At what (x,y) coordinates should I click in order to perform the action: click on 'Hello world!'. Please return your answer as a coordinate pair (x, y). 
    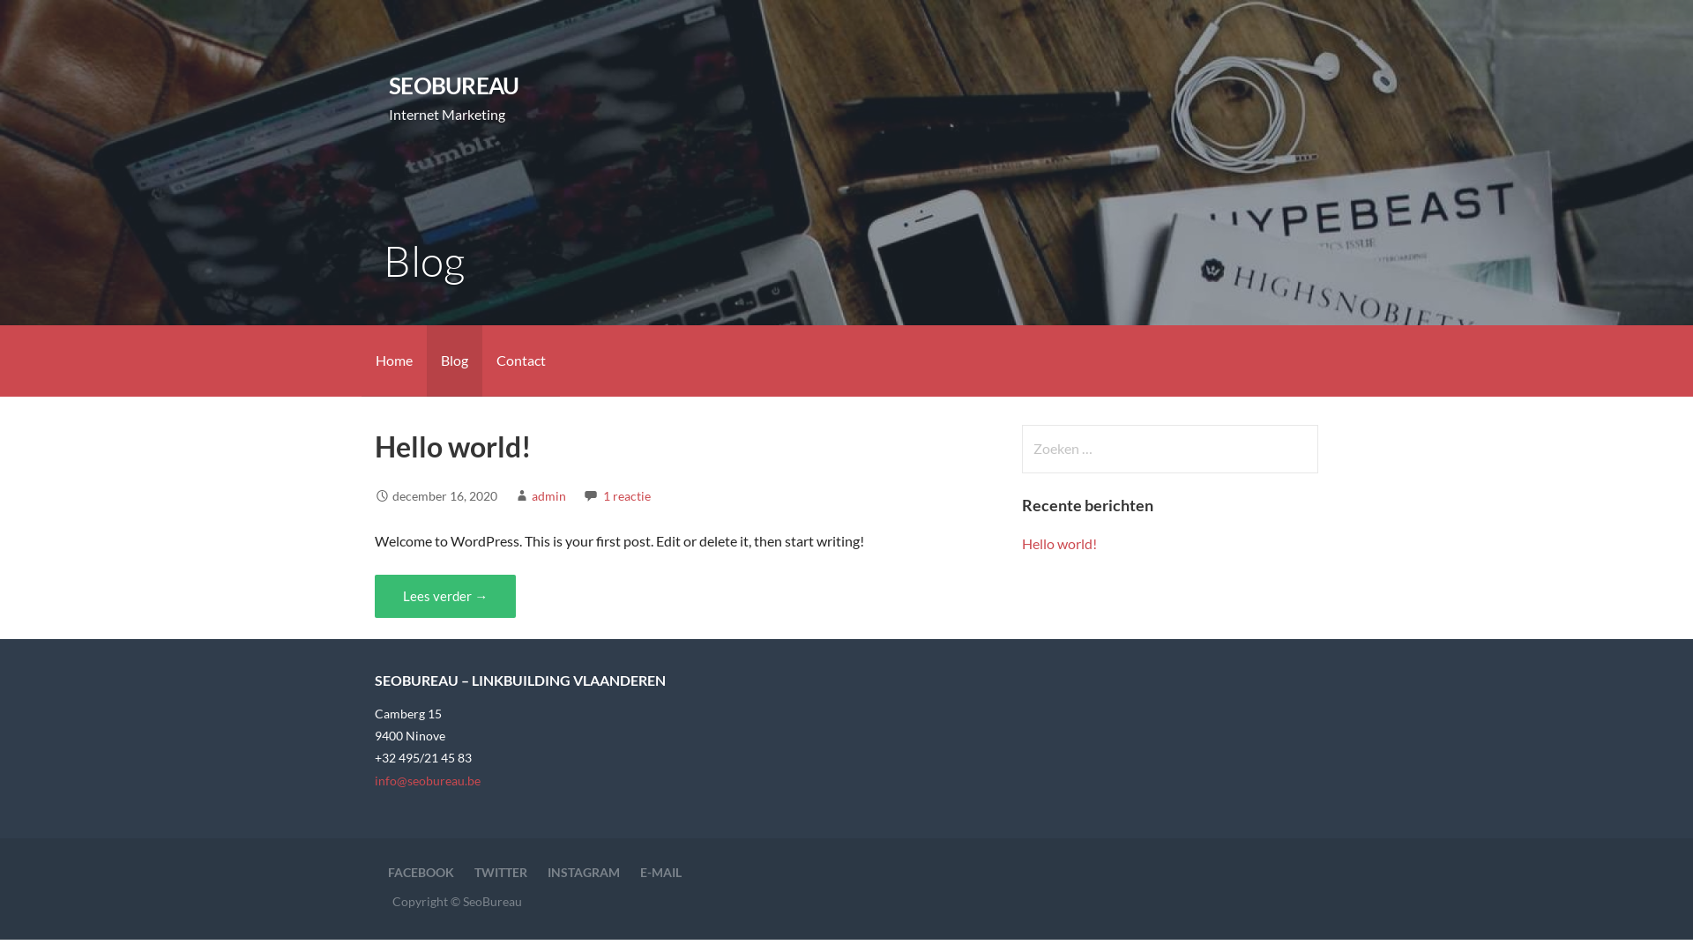
    Looking at the image, I should click on (452, 445).